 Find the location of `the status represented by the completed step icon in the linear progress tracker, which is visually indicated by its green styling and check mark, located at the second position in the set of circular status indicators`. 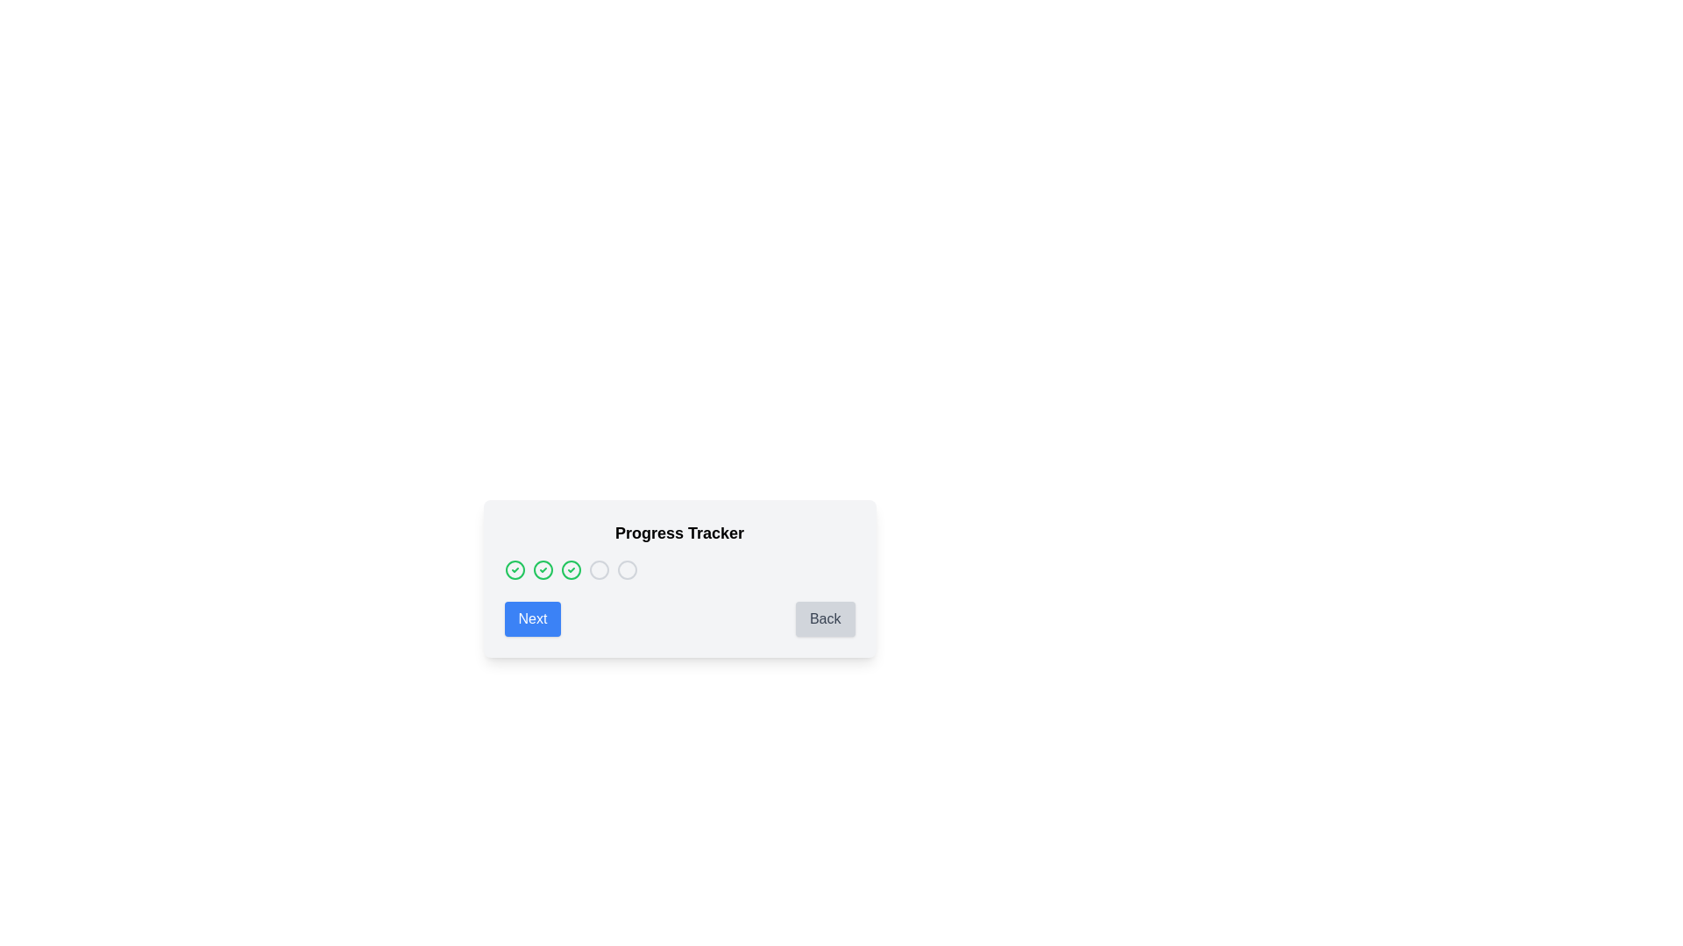

the status represented by the completed step icon in the linear progress tracker, which is visually indicated by its green styling and check mark, located at the second position in the set of circular status indicators is located at coordinates (514, 570).